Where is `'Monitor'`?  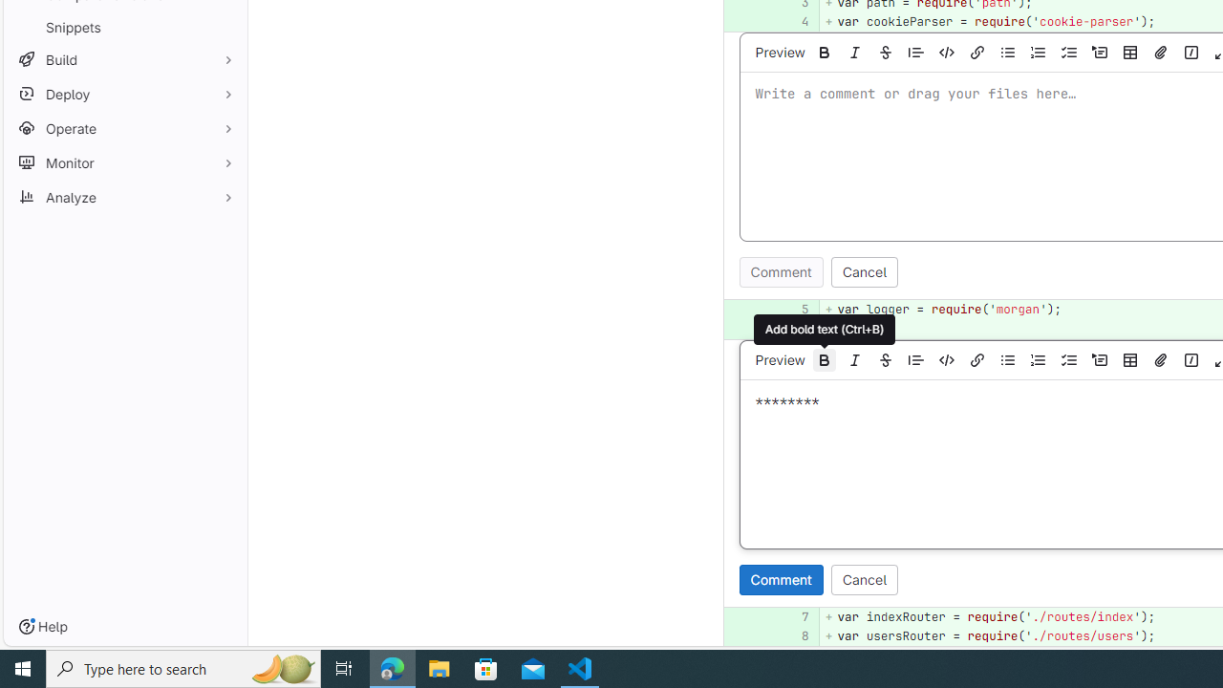 'Monitor' is located at coordinates (124, 161).